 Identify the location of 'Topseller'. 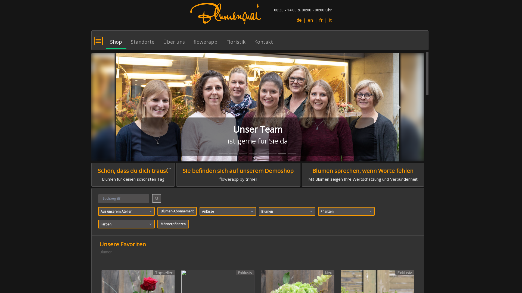
(152, 273).